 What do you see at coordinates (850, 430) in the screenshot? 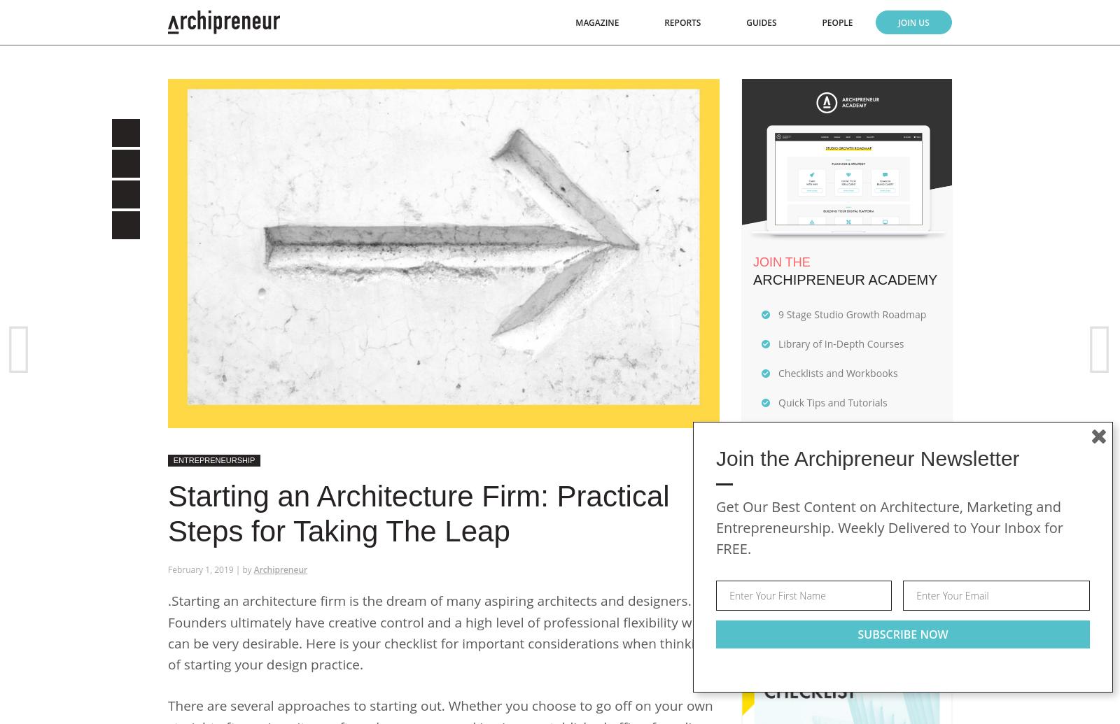
I see `'A Supportive Online Community'` at bounding box center [850, 430].